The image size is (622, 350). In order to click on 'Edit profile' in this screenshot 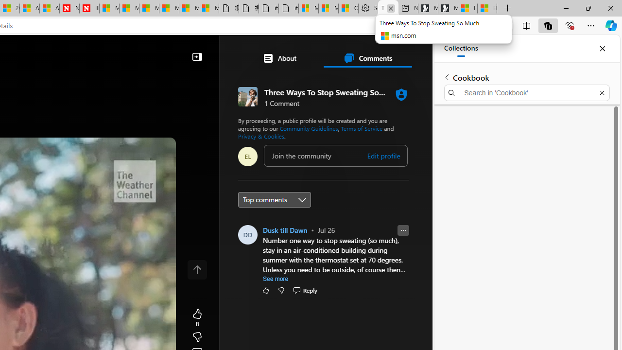, I will do `click(383, 156)`.